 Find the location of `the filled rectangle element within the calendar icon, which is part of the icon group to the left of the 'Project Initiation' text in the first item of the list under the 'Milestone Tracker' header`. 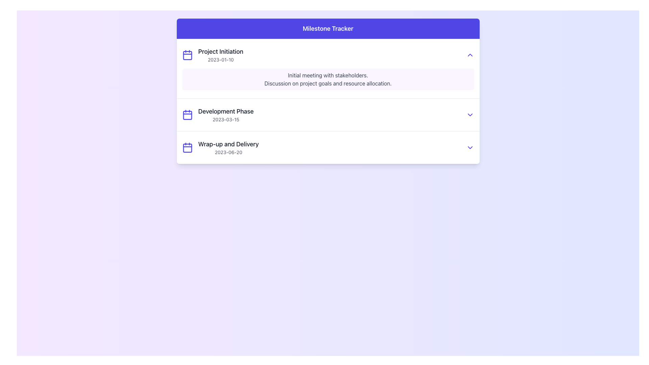

the filled rectangle element within the calendar icon, which is part of the icon group to the left of the 'Project Initiation' text in the first item of the list under the 'Milestone Tracker' header is located at coordinates (187, 55).